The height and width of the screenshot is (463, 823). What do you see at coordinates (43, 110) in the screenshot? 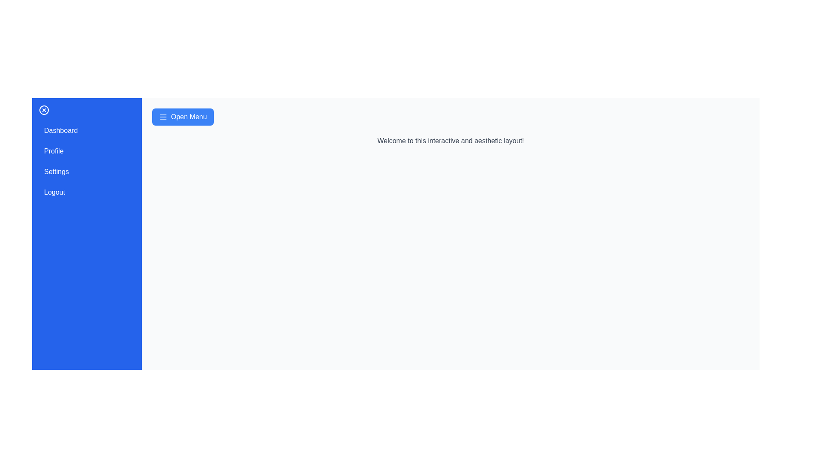
I see `the close button in the sidebar to toggle the drawer` at bounding box center [43, 110].